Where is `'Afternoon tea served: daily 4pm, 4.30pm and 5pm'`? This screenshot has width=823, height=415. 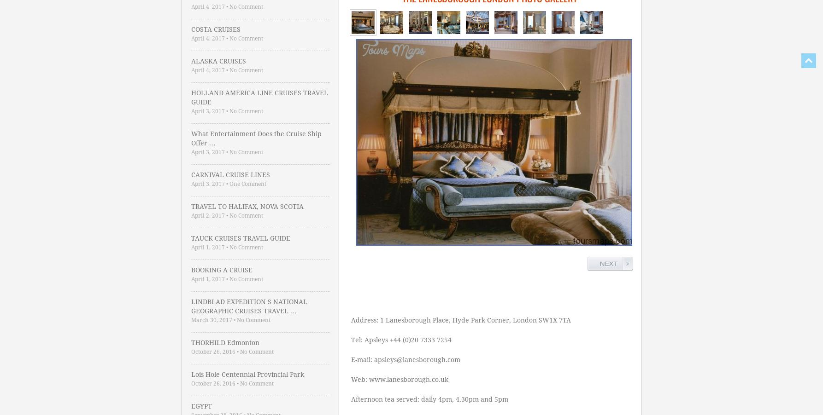 'Afternoon tea served: daily 4pm, 4.30pm and 5pm' is located at coordinates (429, 399).